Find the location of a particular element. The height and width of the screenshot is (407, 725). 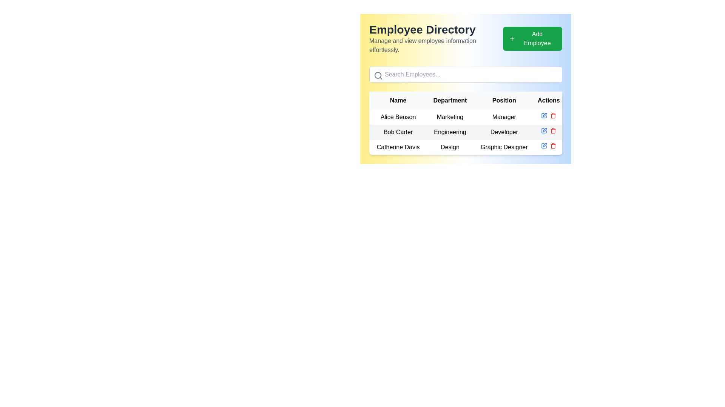

properties of the circular SVG component that is part of the magnifying glass icon located to the left of the search input field, in order to modify its styling is located at coordinates (378, 75).